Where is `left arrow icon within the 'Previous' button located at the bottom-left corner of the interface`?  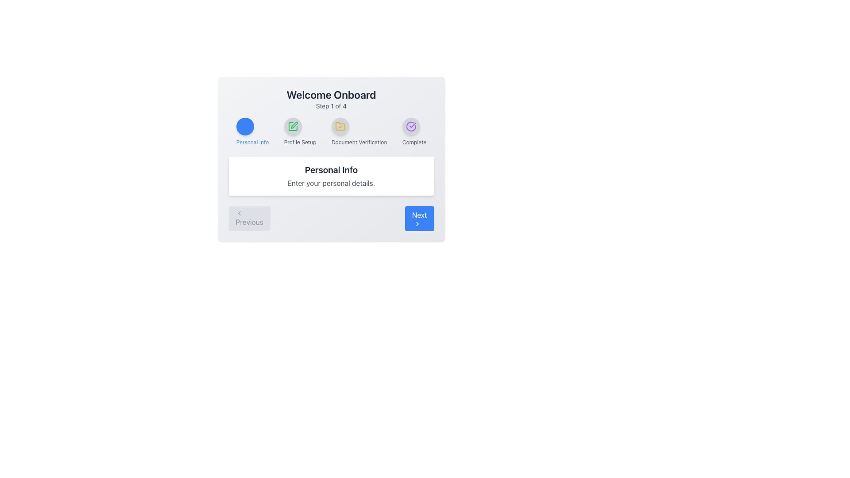
left arrow icon within the 'Previous' button located at the bottom-left corner of the interface is located at coordinates (239, 213).